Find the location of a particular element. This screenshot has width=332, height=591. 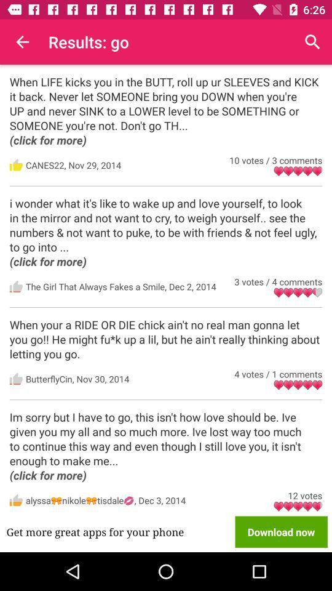

the icon next to get more great item is located at coordinates (281, 531).